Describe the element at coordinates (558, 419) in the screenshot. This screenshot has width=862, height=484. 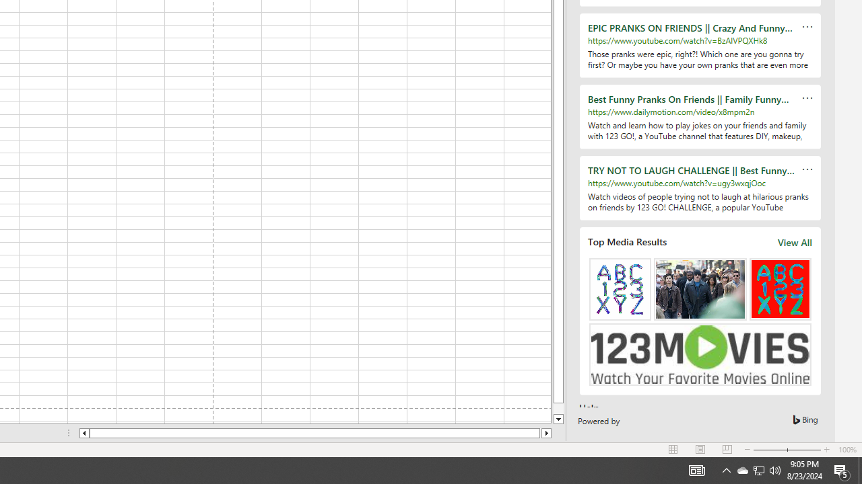
I see `'Line down'` at that location.